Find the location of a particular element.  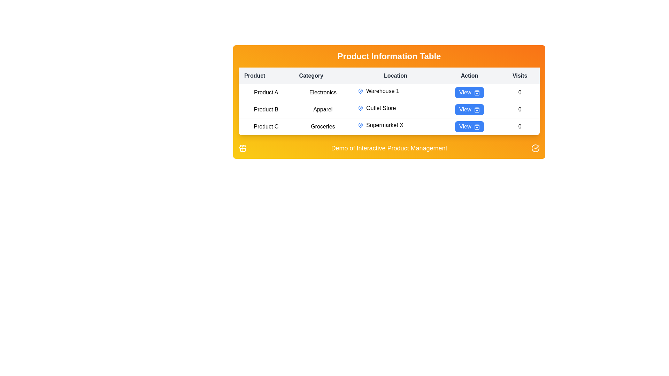

the button in the 'Action' column of the first row of the 'Product Information Table' to observe style changes is located at coordinates (469, 92).